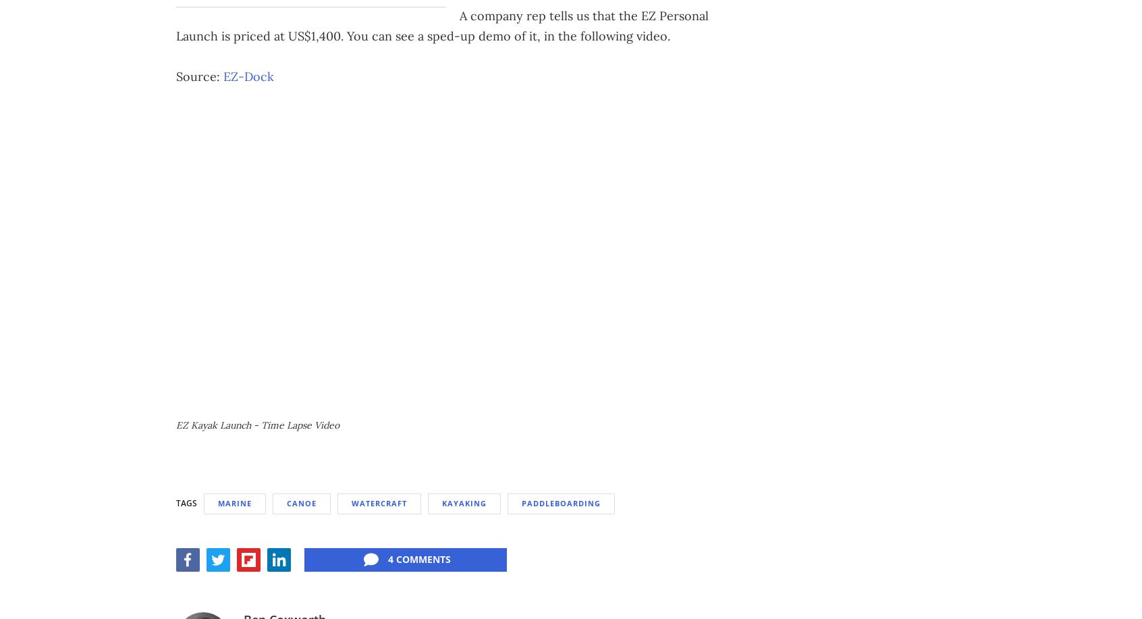  What do you see at coordinates (258, 423) in the screenshot?
I see `'EZ Kayak Launch - Time Lapse Video'` at bounding box center [258, 423].